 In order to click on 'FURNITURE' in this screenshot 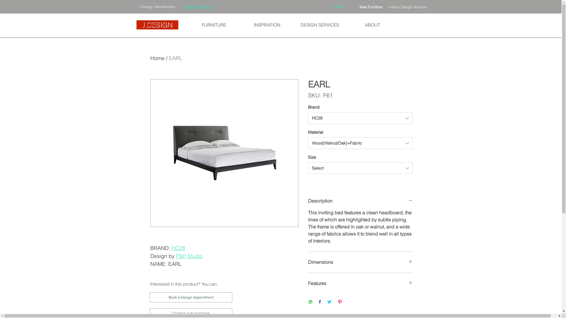, I will do `click(213, 24)`.